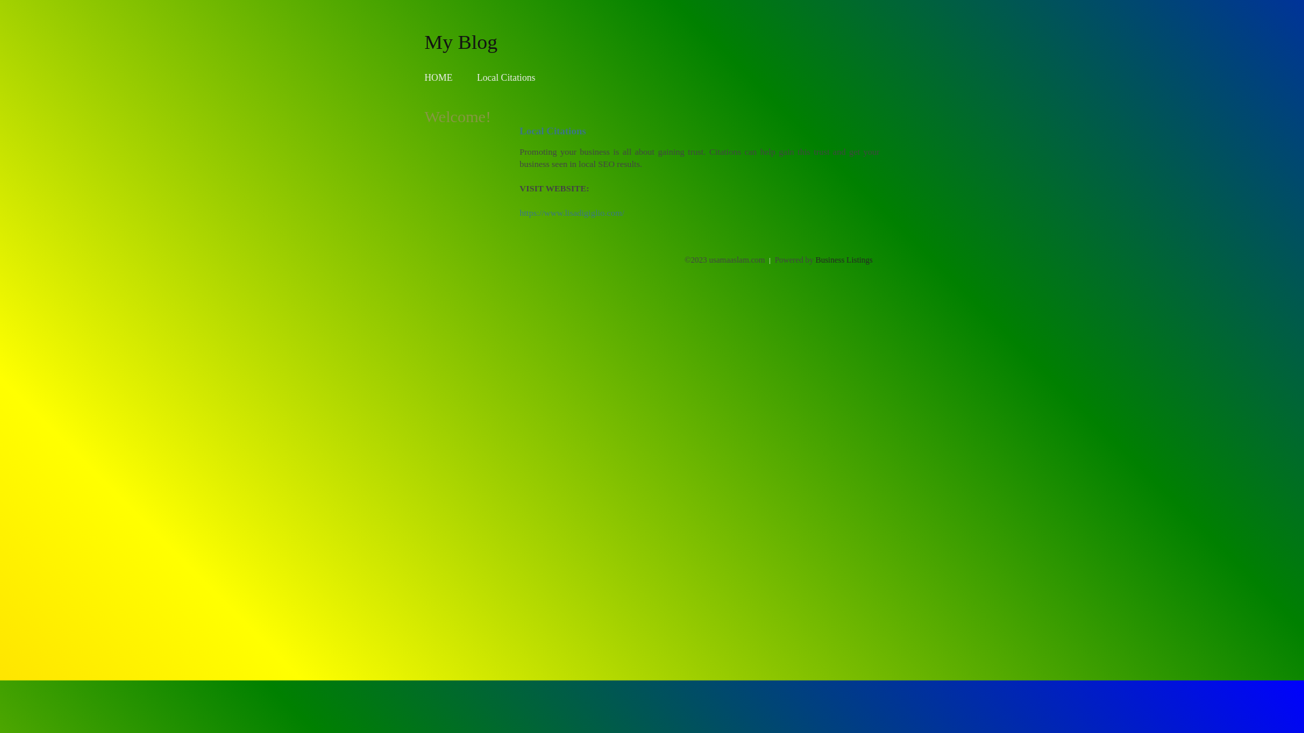 This screenshot has width=1304, height=733. Describe the element at coordinates (505, 77) in the screenshot. I see `'Local Citations'` at that location.